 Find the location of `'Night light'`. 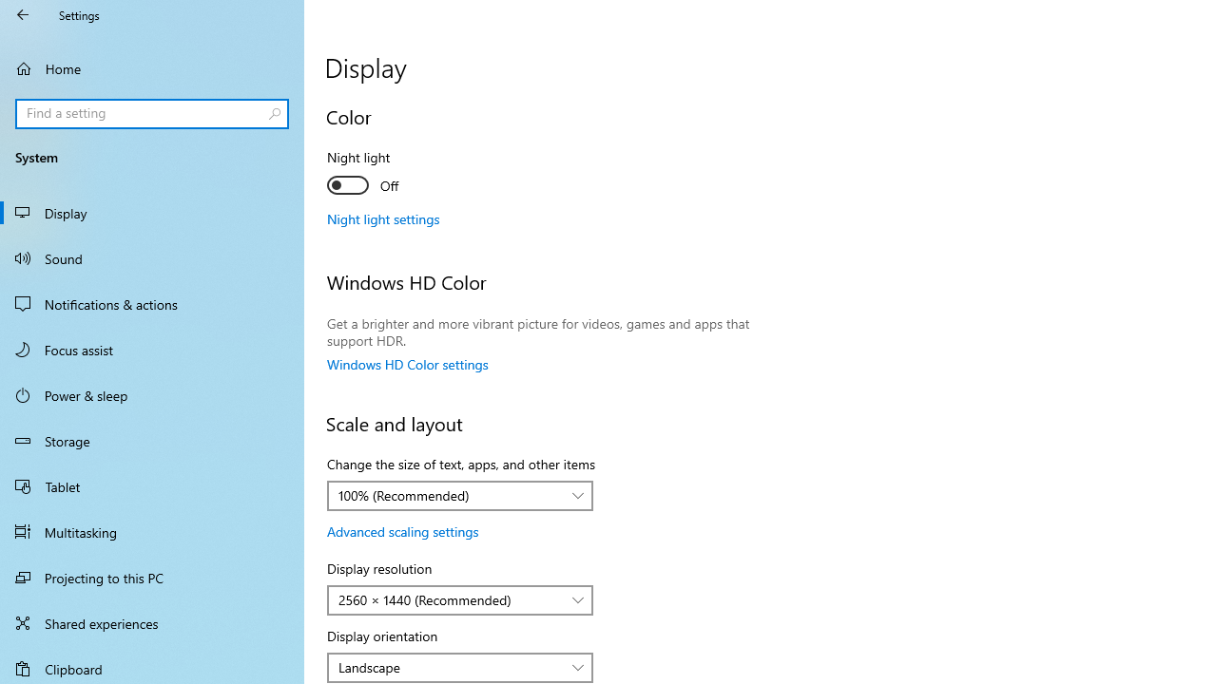

'Night light' is located at coordinates (396, 174).